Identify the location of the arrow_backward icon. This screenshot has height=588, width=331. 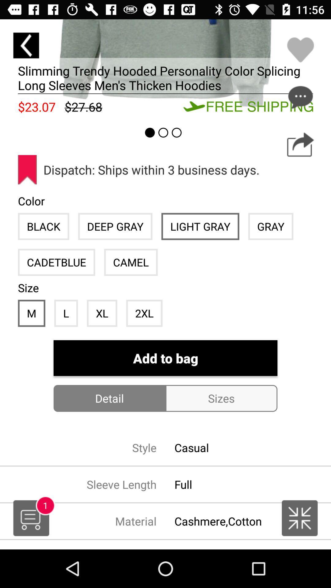
(26, 45).